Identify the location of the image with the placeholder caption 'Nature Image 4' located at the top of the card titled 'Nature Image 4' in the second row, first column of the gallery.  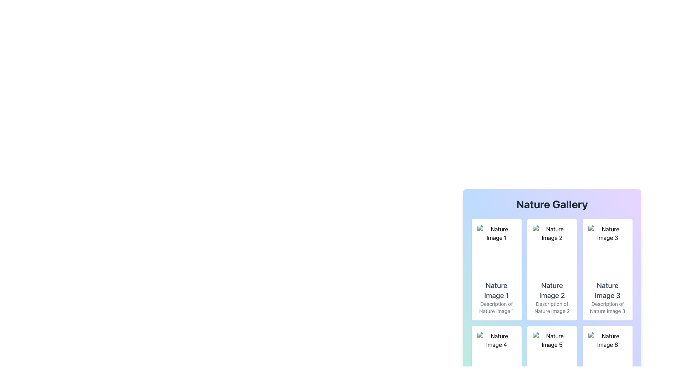
(496, 357).